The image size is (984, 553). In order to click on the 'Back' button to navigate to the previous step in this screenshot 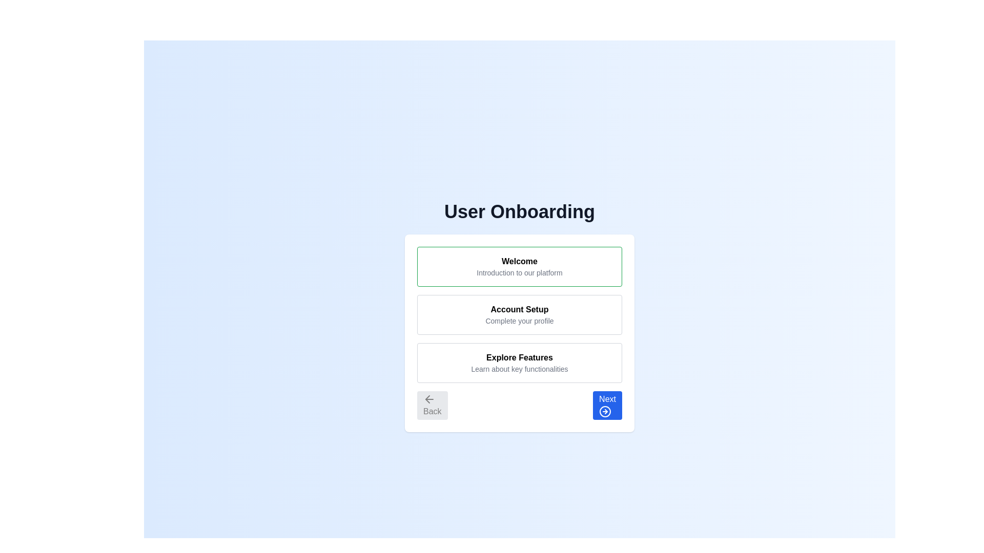, I will do `click(432, 405)`.